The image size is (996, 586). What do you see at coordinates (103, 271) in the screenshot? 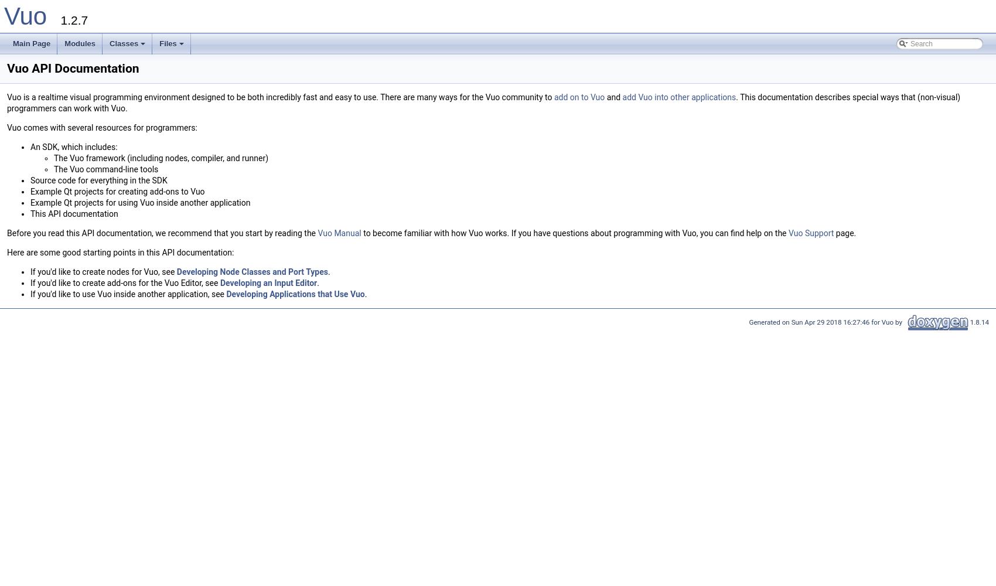
I see `'If you'd like to create nodes for Vuo, see'` at bounding box center [103, 271].